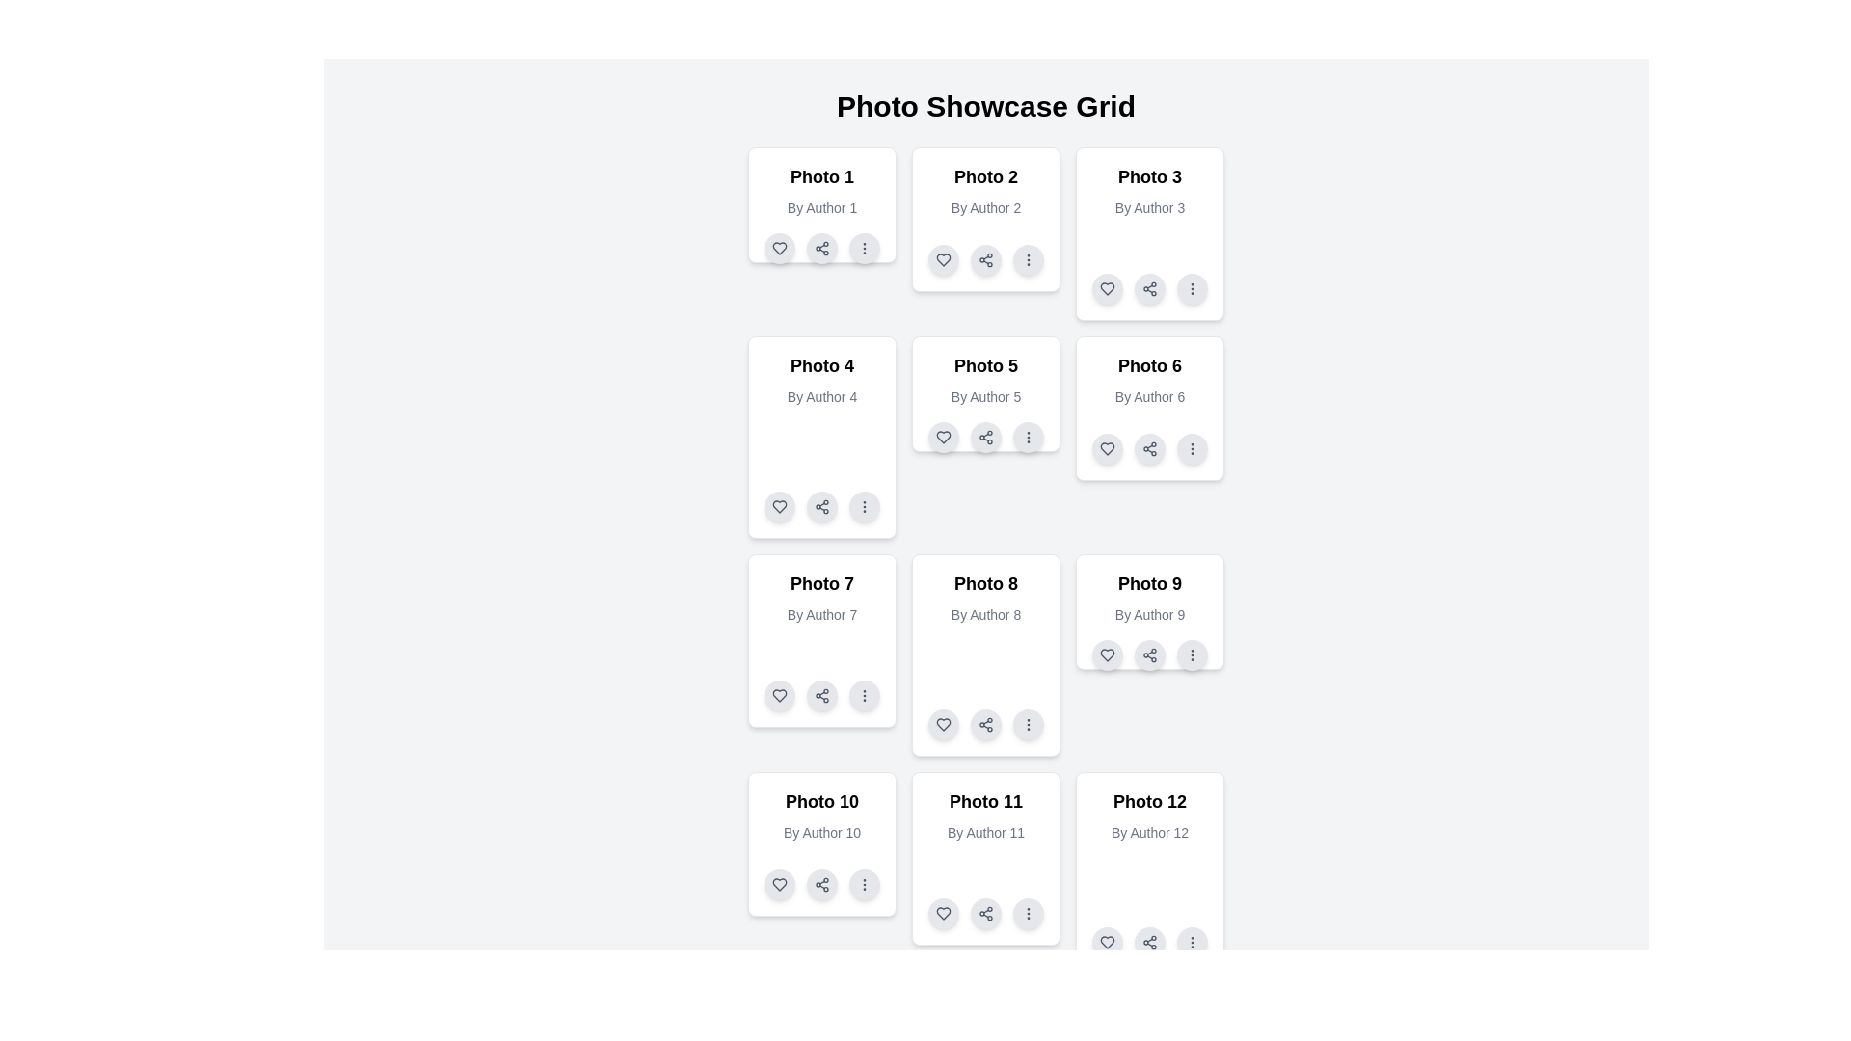  Describe the element at coordinates (1027, 725) in the screenshot. I see `the small circular button with a vertical ellipsis icon in the bottom-right of the 'Photo 8' card` at that location.